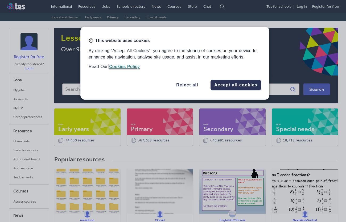 Image resolution: width=346 pixels, height=222 pixels. Describe the element at coordinates (153, 140) in the screenshot. I see `'367,308 resources'` at that location.